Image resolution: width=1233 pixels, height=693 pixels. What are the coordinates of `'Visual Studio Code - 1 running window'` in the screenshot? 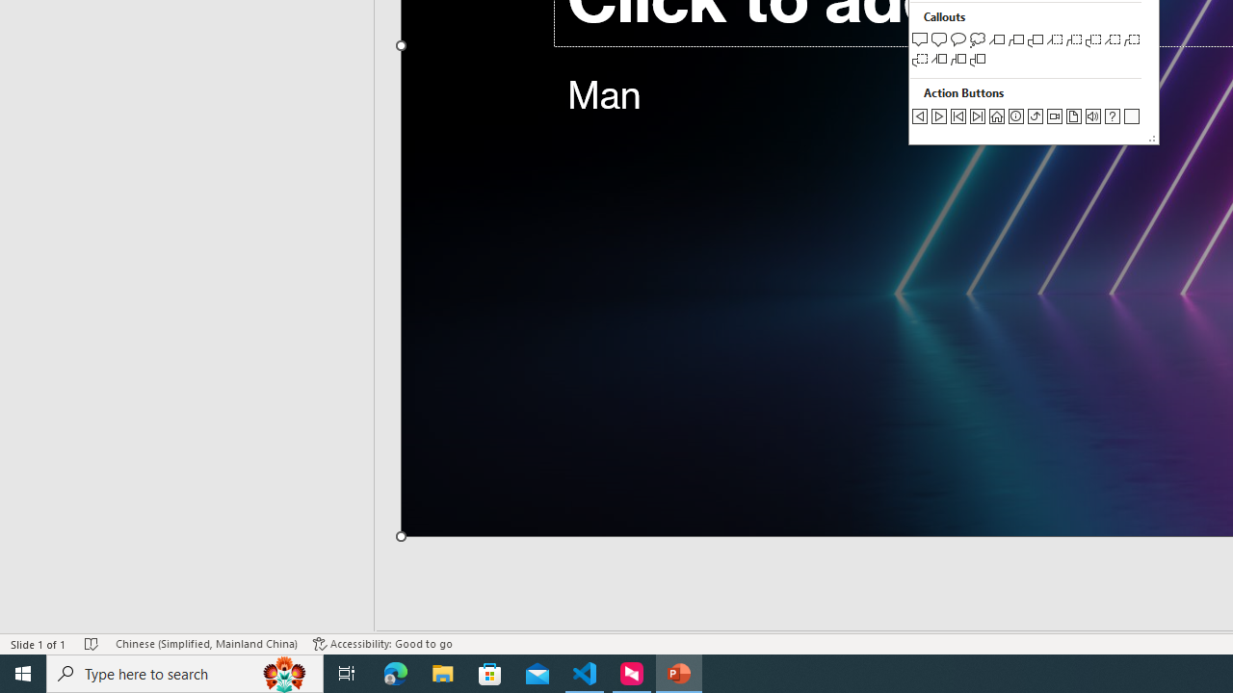 It's located at (584, 672).